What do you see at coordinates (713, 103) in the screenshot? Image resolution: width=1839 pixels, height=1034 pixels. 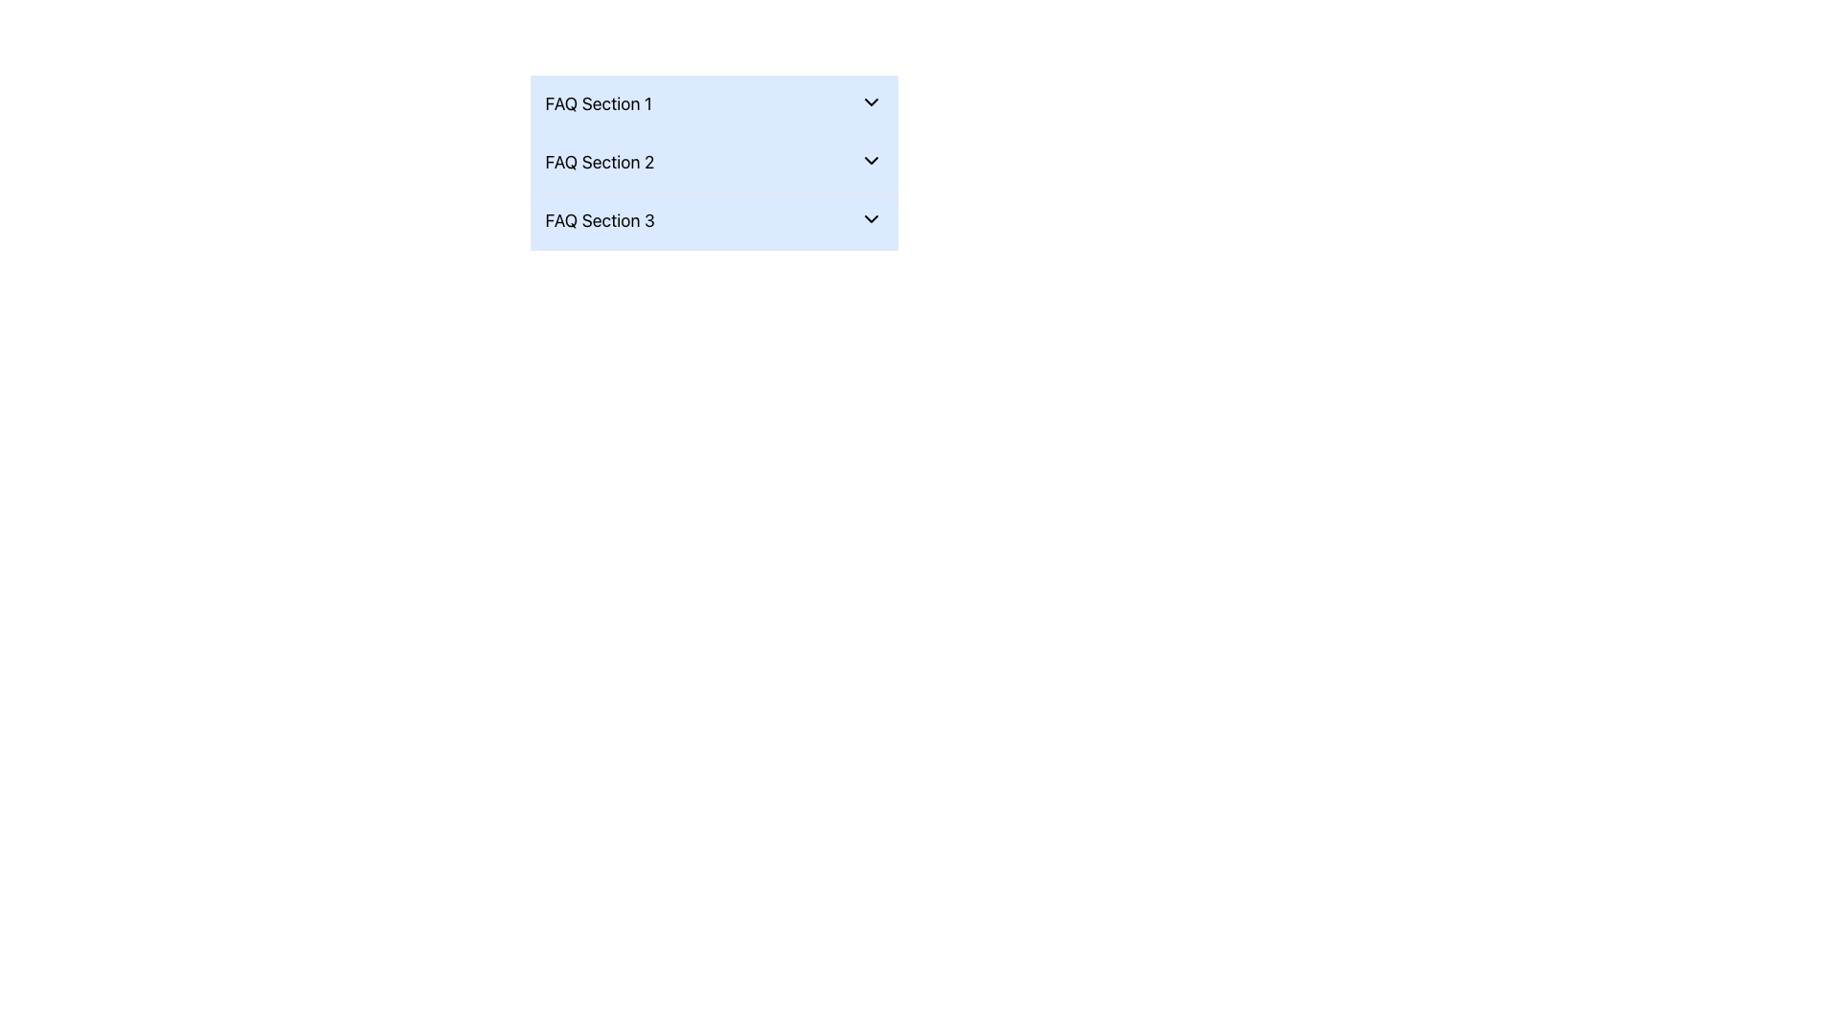 I see `the 'FAQ Section 1' button` at bounding box center [713, 103].